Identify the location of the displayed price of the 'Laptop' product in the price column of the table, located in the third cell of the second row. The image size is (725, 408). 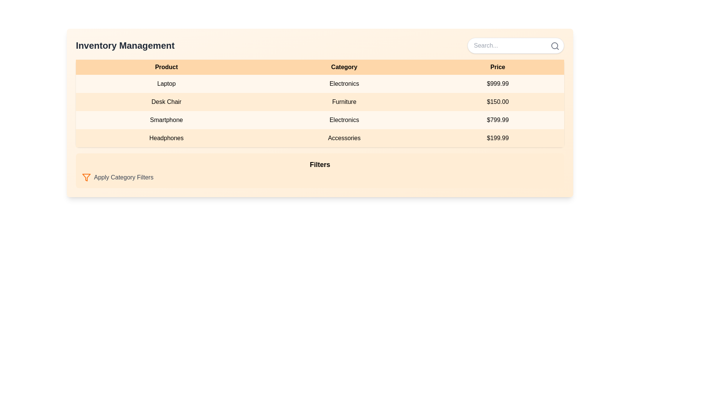
(498, 84).